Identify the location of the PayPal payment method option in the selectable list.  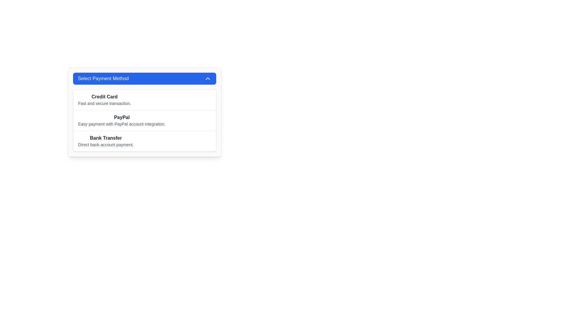
(145, 120).